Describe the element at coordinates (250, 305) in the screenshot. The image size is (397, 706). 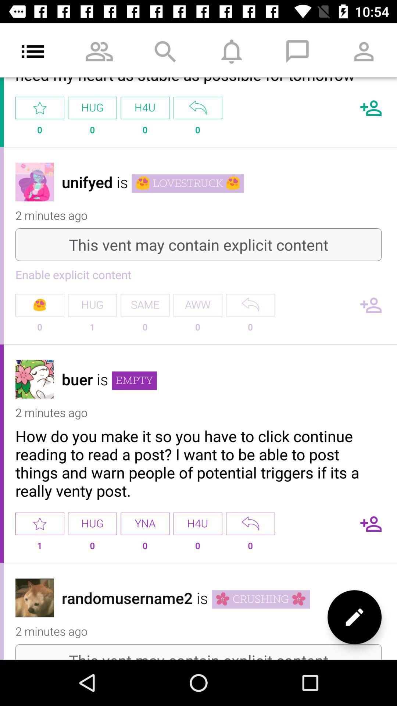
I see `reply button` at that location.